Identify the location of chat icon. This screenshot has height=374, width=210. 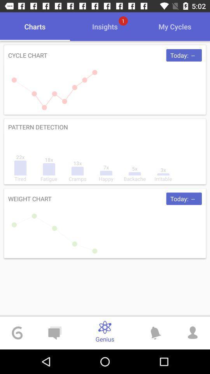
(54, 332).